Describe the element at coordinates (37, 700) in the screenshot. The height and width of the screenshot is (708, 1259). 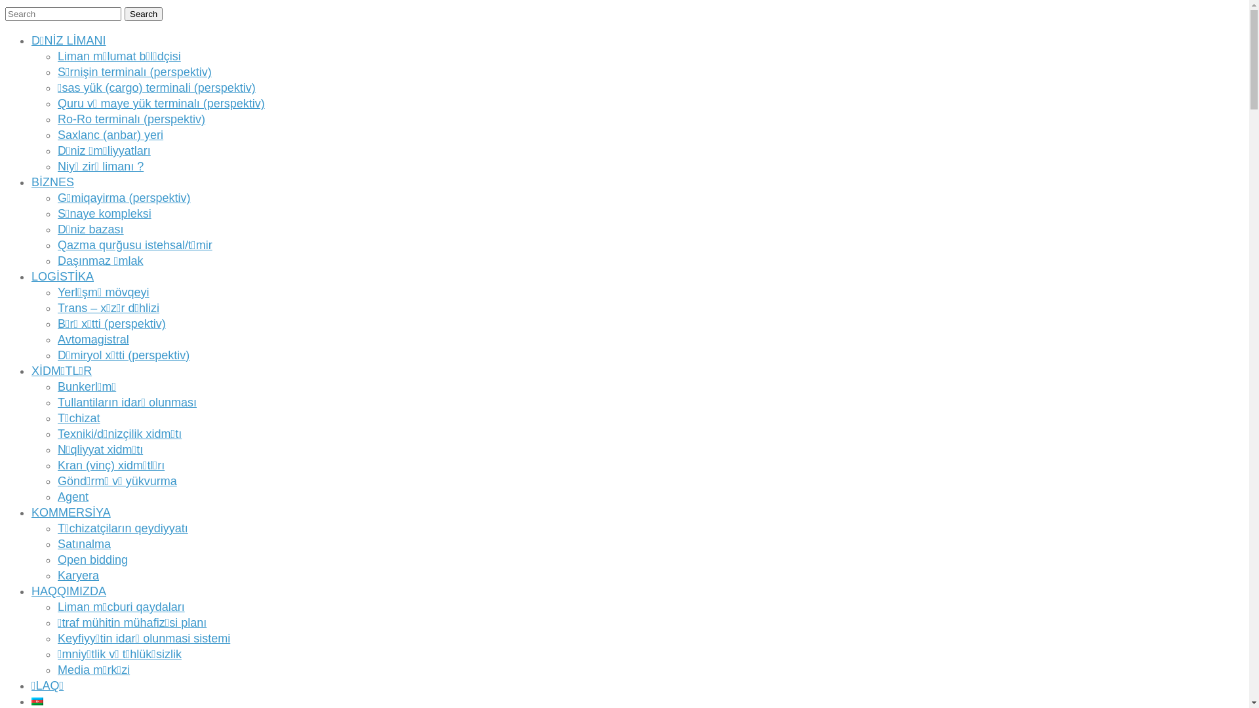
I see `'Azerbaijani'` at that location.